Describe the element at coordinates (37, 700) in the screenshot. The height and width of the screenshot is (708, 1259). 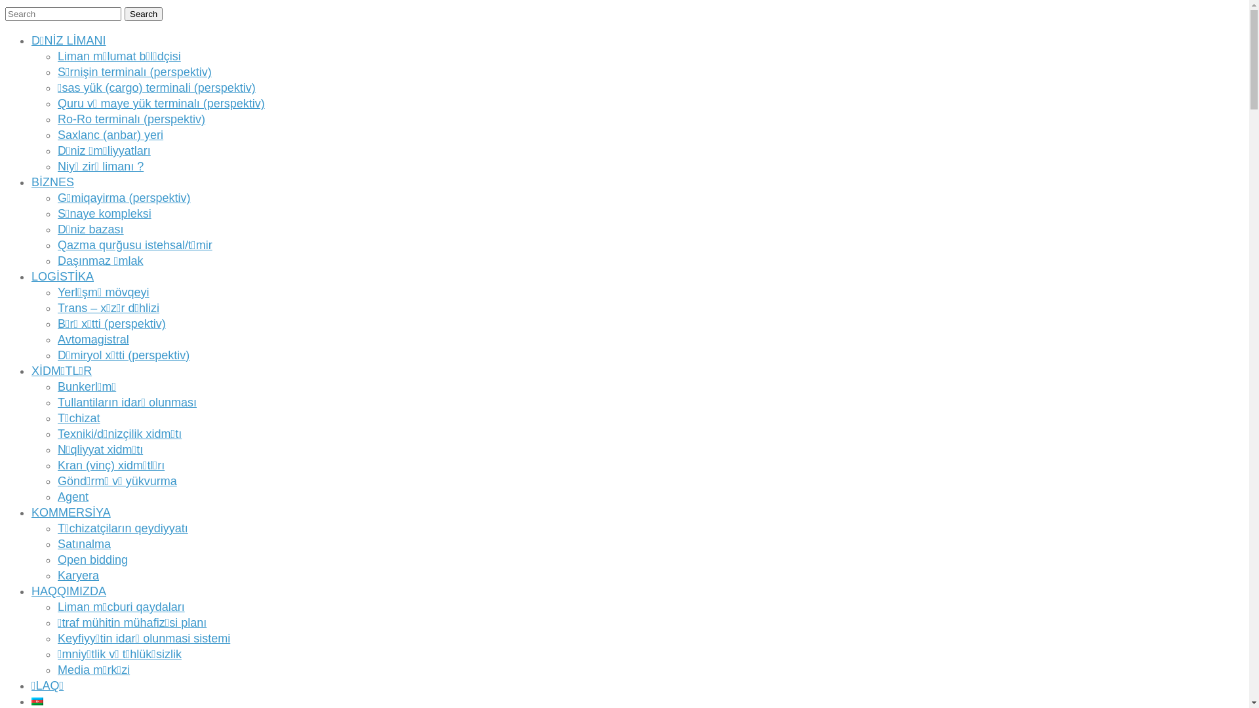
I see `'Azerbaijani'` at that location.